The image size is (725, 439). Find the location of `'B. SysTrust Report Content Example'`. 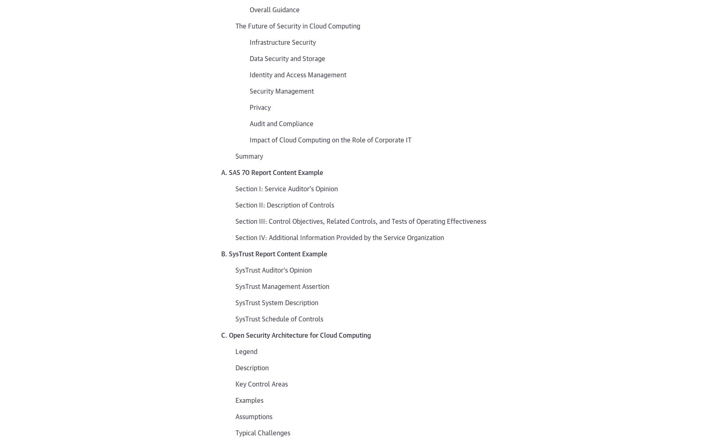

'B. SysTrust Report Content Example' is located at coordinates (220, 253).